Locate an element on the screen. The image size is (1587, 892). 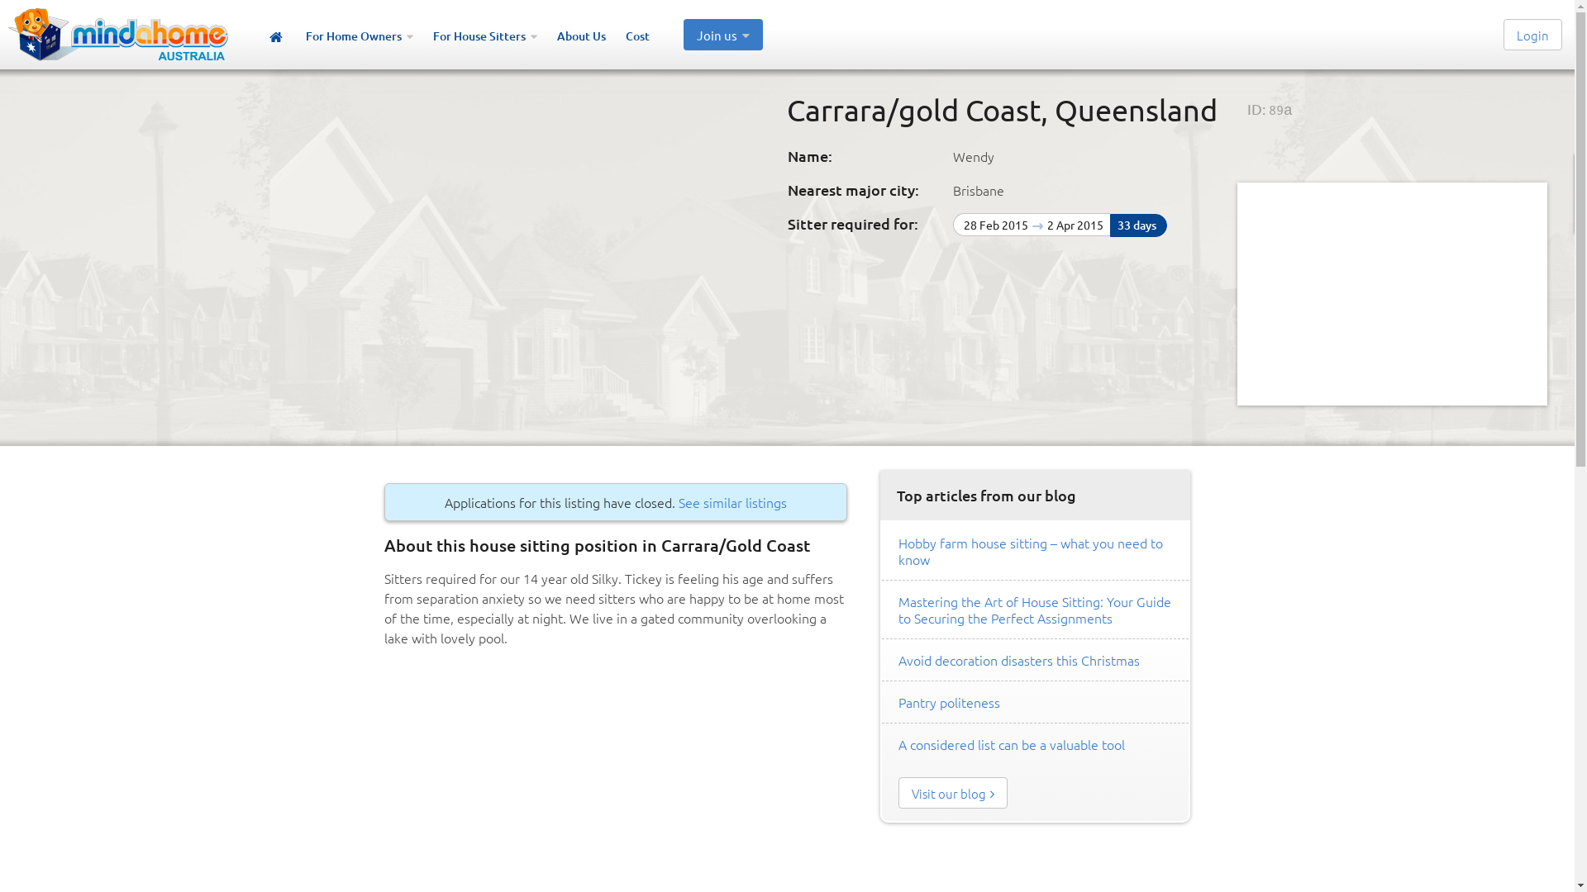
'Join us' is located at coordinates (722, 35).